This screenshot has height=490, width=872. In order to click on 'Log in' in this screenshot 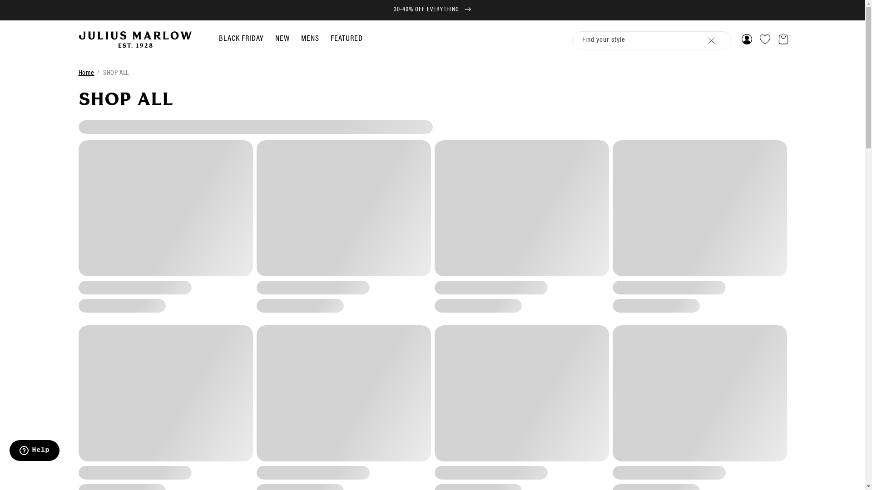, I will do `click(746, 39)`.